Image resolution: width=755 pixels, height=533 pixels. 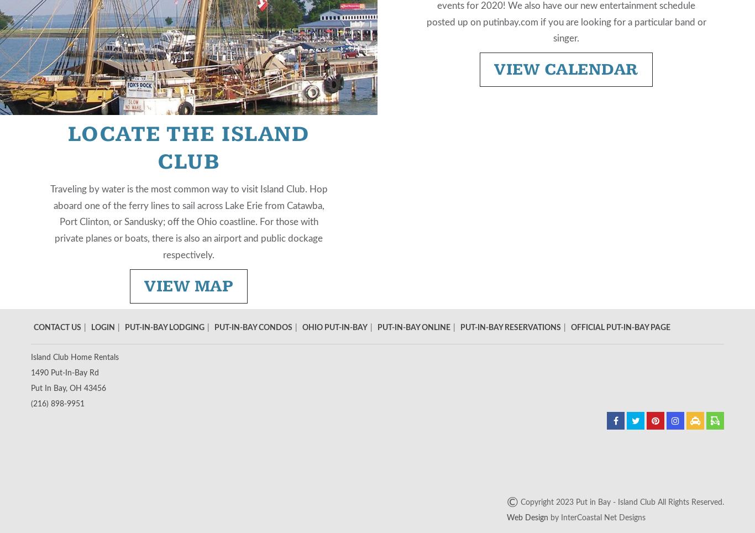 I want to click on 'Contact Us', so click(x=34, y=326).